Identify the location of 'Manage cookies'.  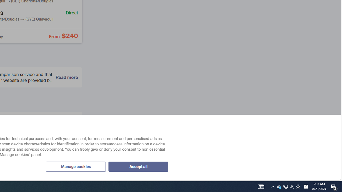
(75, 166).